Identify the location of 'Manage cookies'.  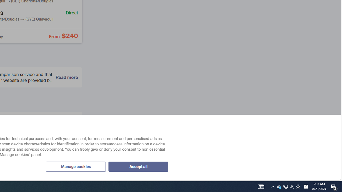
(75, 166).